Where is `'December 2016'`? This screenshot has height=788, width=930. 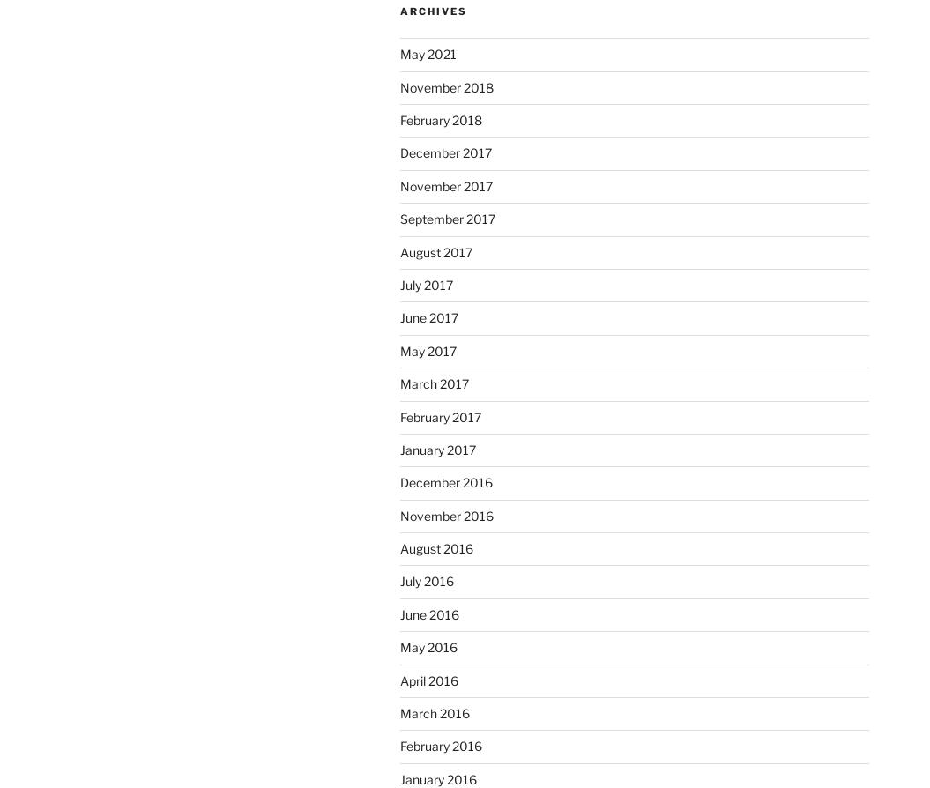
'December 2016' is located at coordinates (446, 482).